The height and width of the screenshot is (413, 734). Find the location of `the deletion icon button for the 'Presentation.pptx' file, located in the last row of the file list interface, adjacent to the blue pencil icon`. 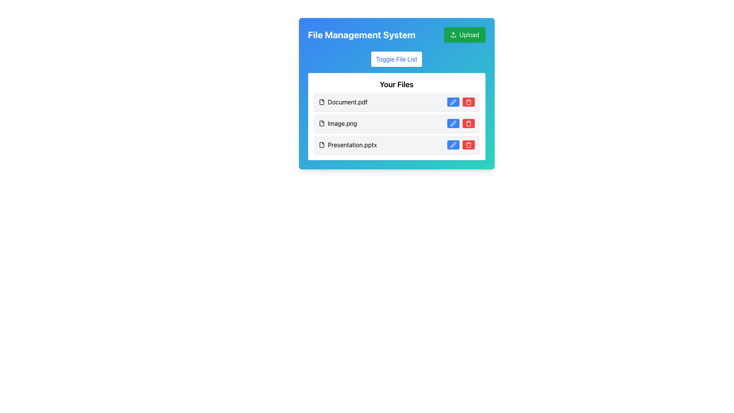

the deletion icon button for the 'Presentation.pptx' file, located in the last row of the file list interface, adjacent to the blue pencil icon is located at coordinates (468, 145).